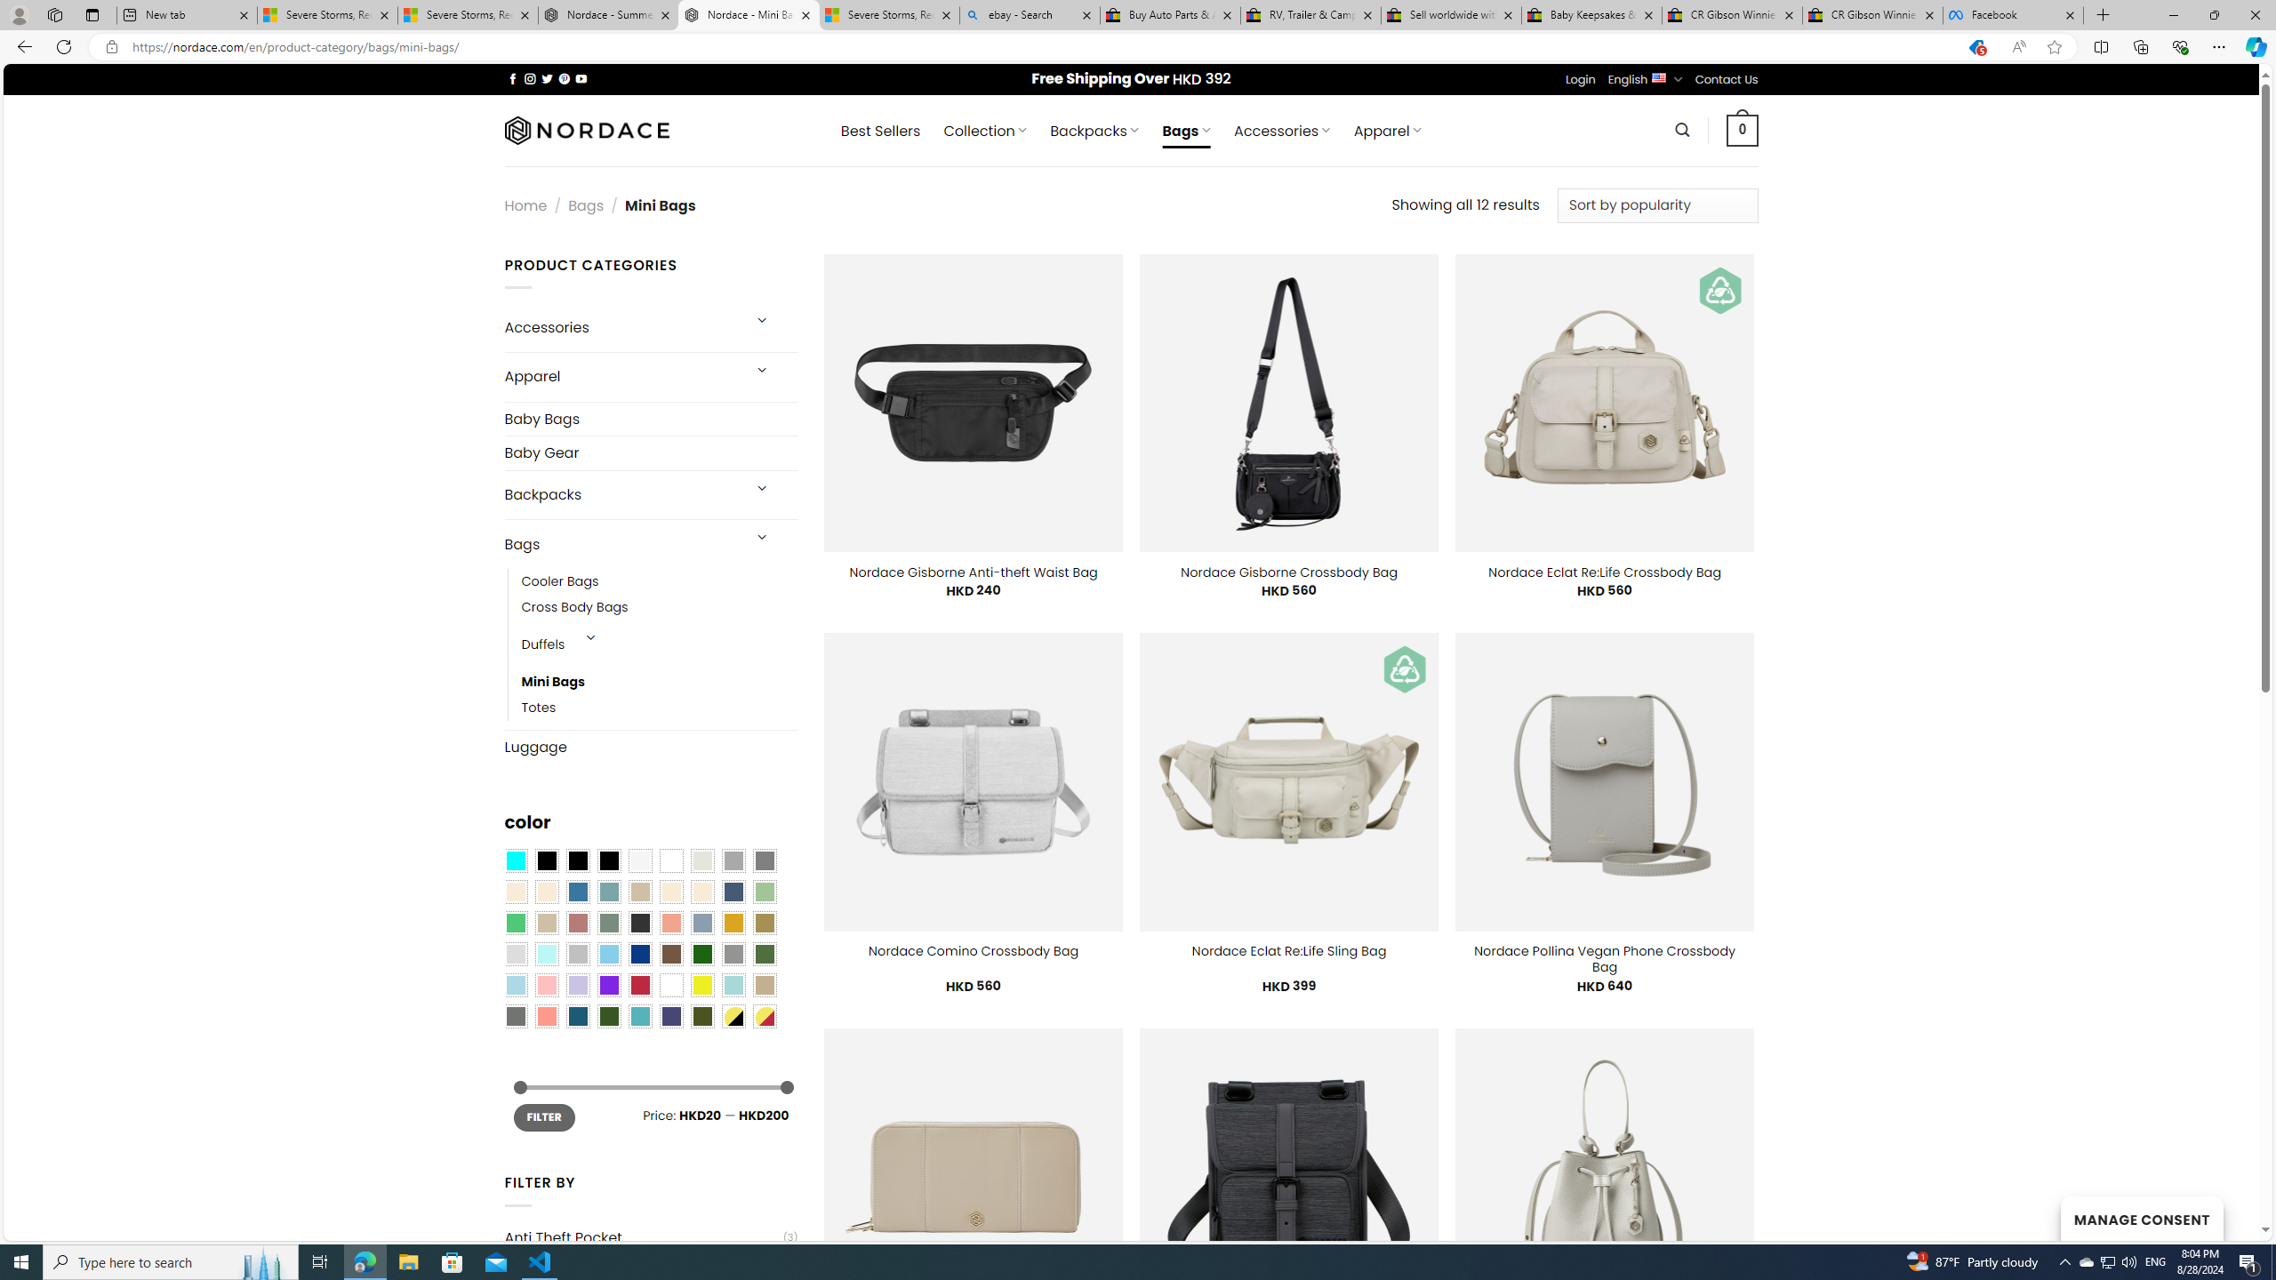 This screenshot has width=2276, height=1280. What do you see at coordinates (765, 1015) in the screenshot?
I see `'Yellow-Red'` at bounding box center [765, 1015].